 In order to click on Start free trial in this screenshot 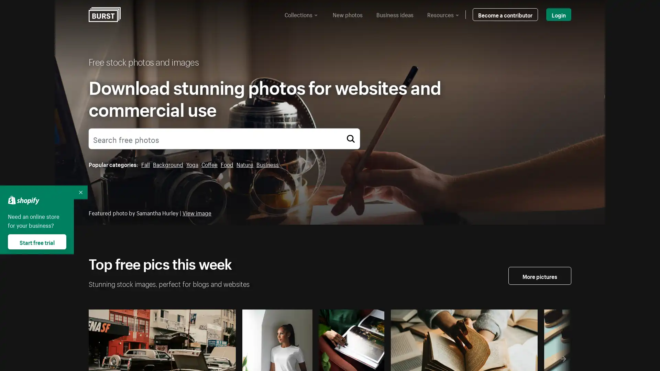, I will do `click(36, 241)`.